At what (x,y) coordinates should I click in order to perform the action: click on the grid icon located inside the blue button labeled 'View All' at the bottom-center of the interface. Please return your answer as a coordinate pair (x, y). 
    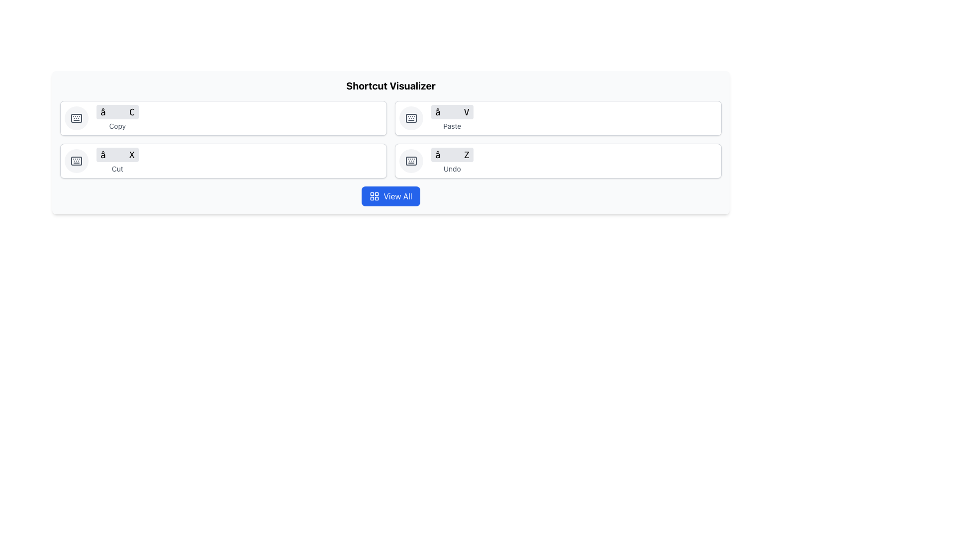
    Looking at the image, I should click on (374, 196).